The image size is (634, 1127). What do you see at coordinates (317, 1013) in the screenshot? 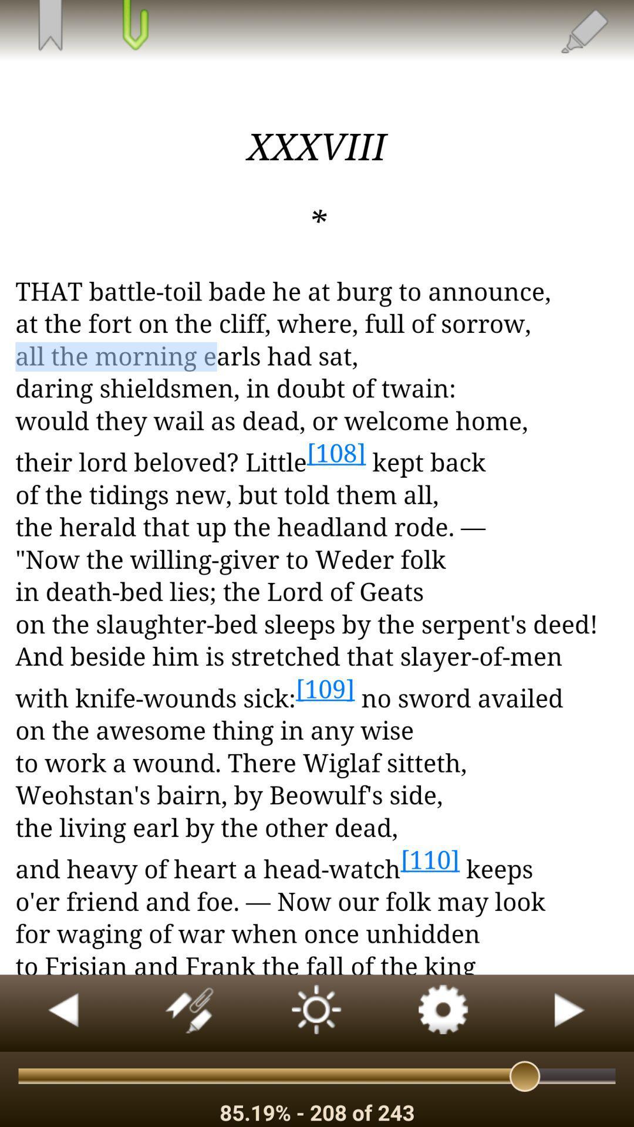
I see `screen brightness` at bounding box center [317, 1013].